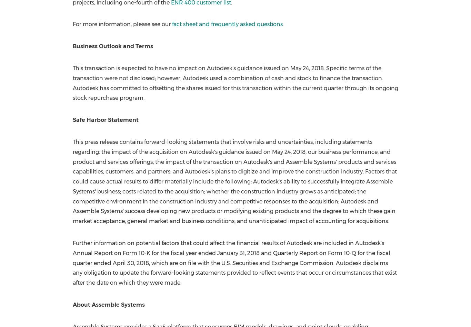 This screenshot has height=327, width=471. Describe the element at coordinates (108, 304) in the screenshot. I see `'About Assemble Systems'` at that location.